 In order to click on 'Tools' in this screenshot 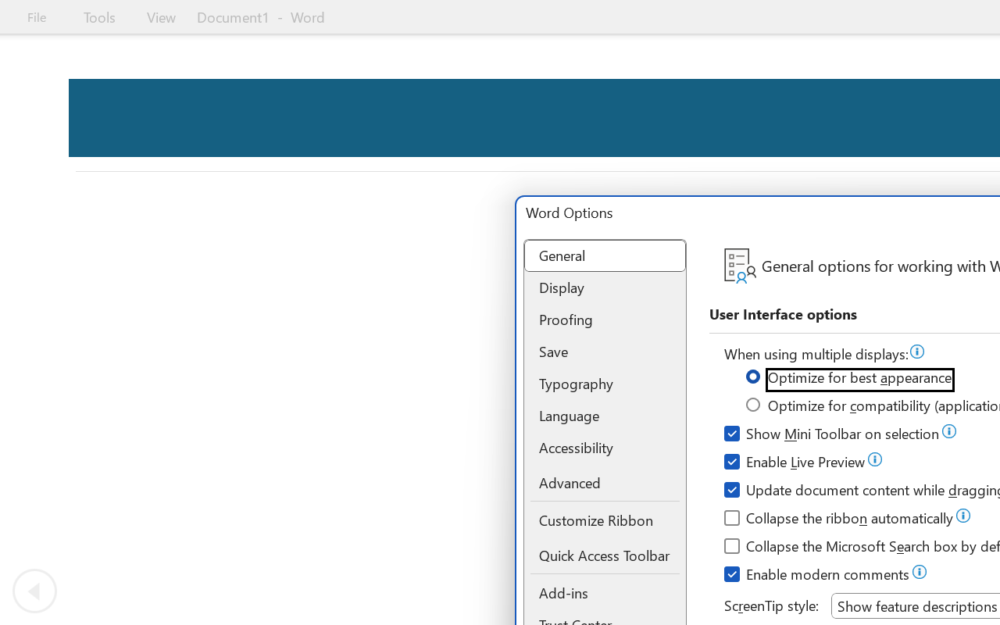, I will do `click(98, 16)`.